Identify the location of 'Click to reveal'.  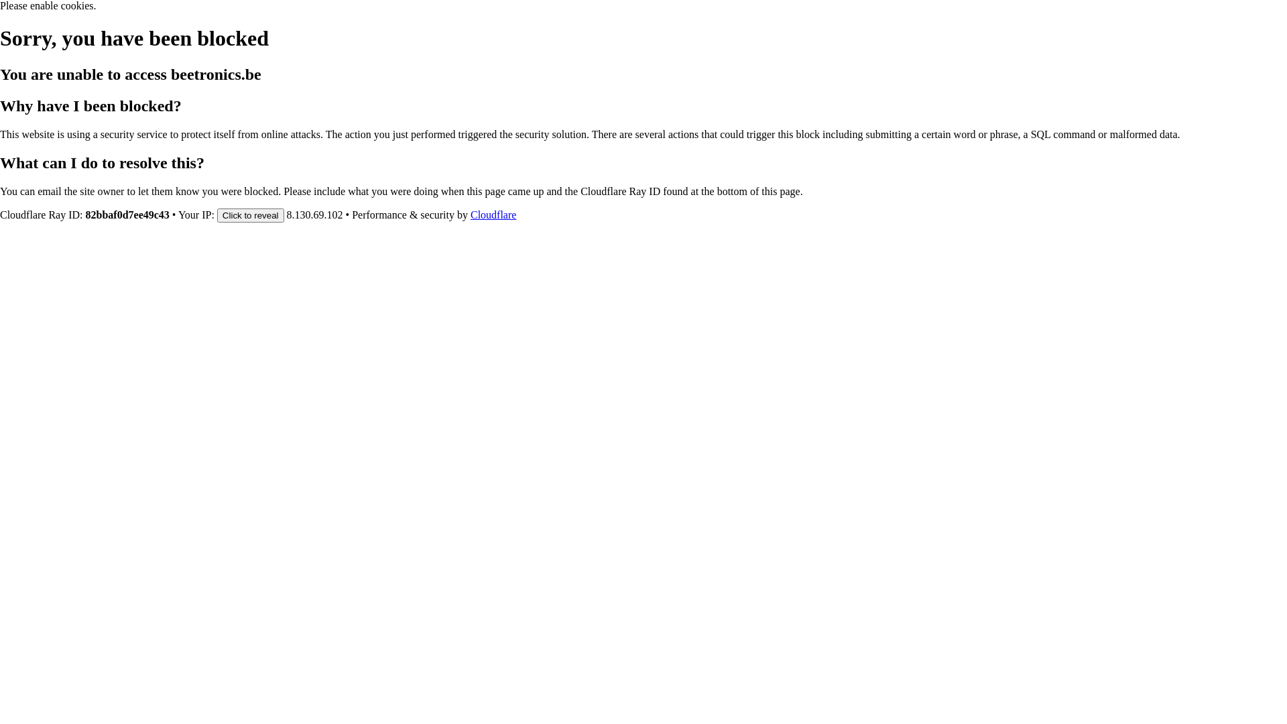
(251, 214).